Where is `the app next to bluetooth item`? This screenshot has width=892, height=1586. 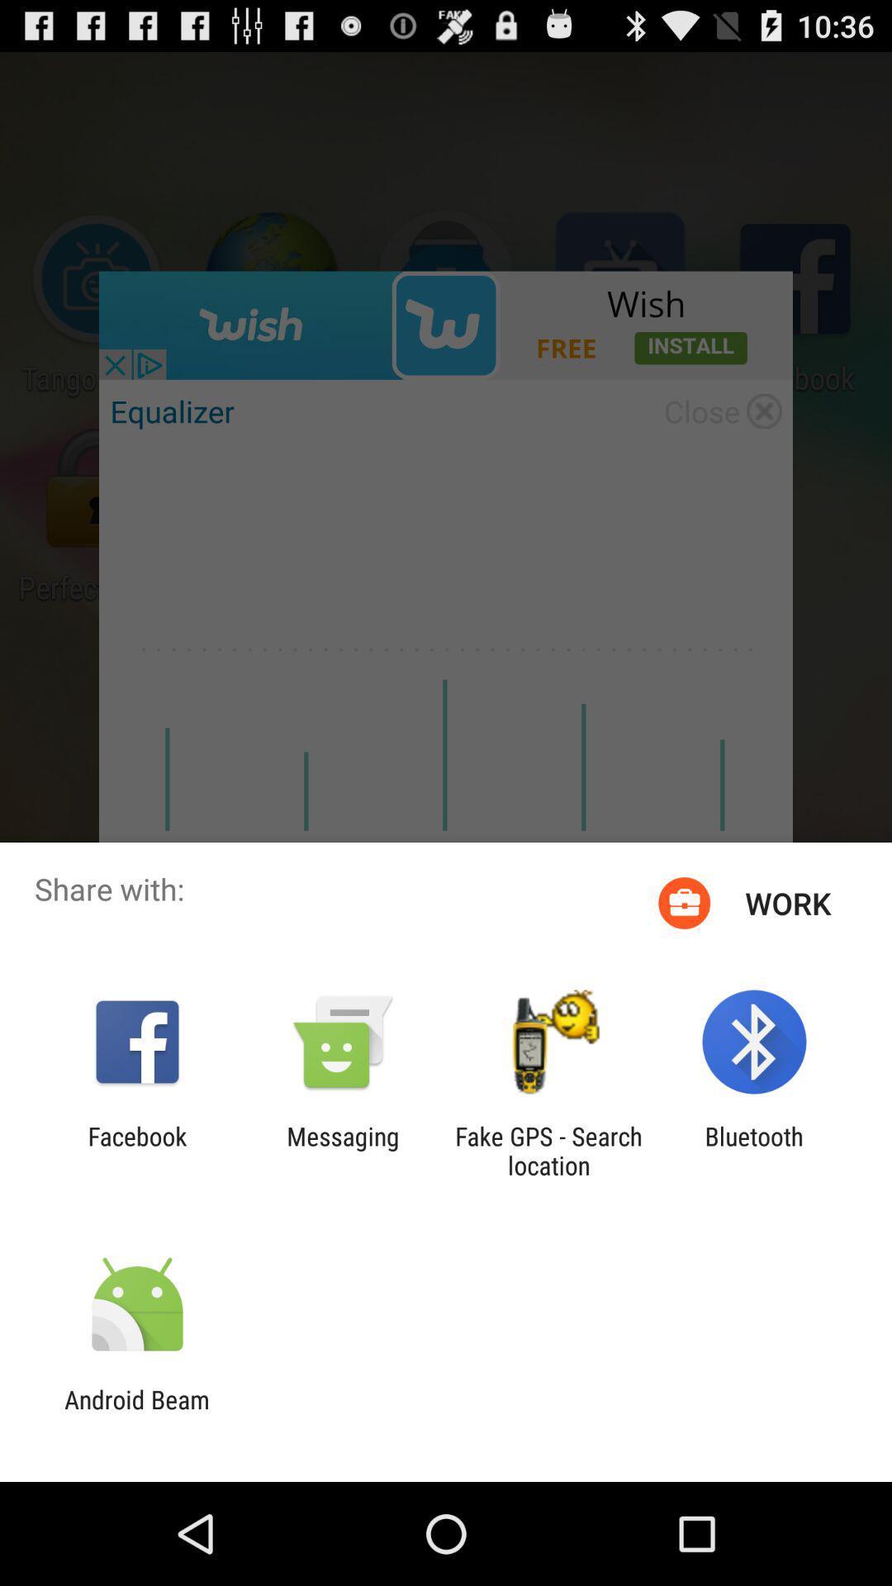 the app next to bluetooth item is located at coordinates (548, 1150).